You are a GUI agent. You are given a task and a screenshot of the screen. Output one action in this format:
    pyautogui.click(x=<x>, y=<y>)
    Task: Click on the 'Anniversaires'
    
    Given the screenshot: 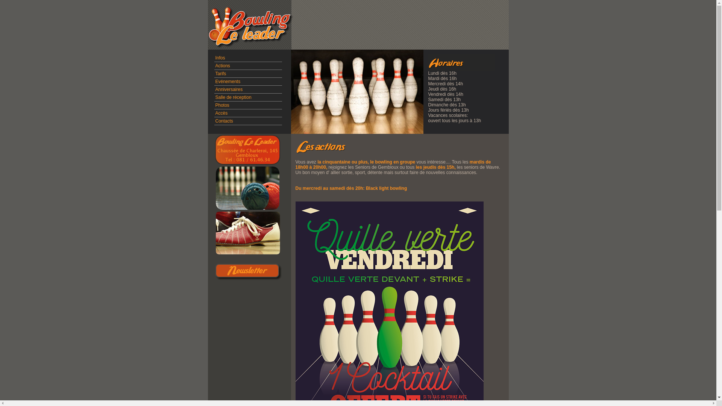 What is the action you would take?
    pyautogui.click(x=228, y=89)
    